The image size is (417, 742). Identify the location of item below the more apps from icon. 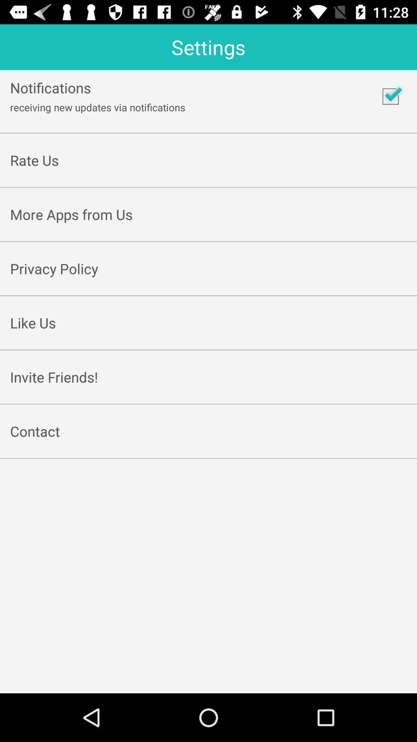
(208, 232).